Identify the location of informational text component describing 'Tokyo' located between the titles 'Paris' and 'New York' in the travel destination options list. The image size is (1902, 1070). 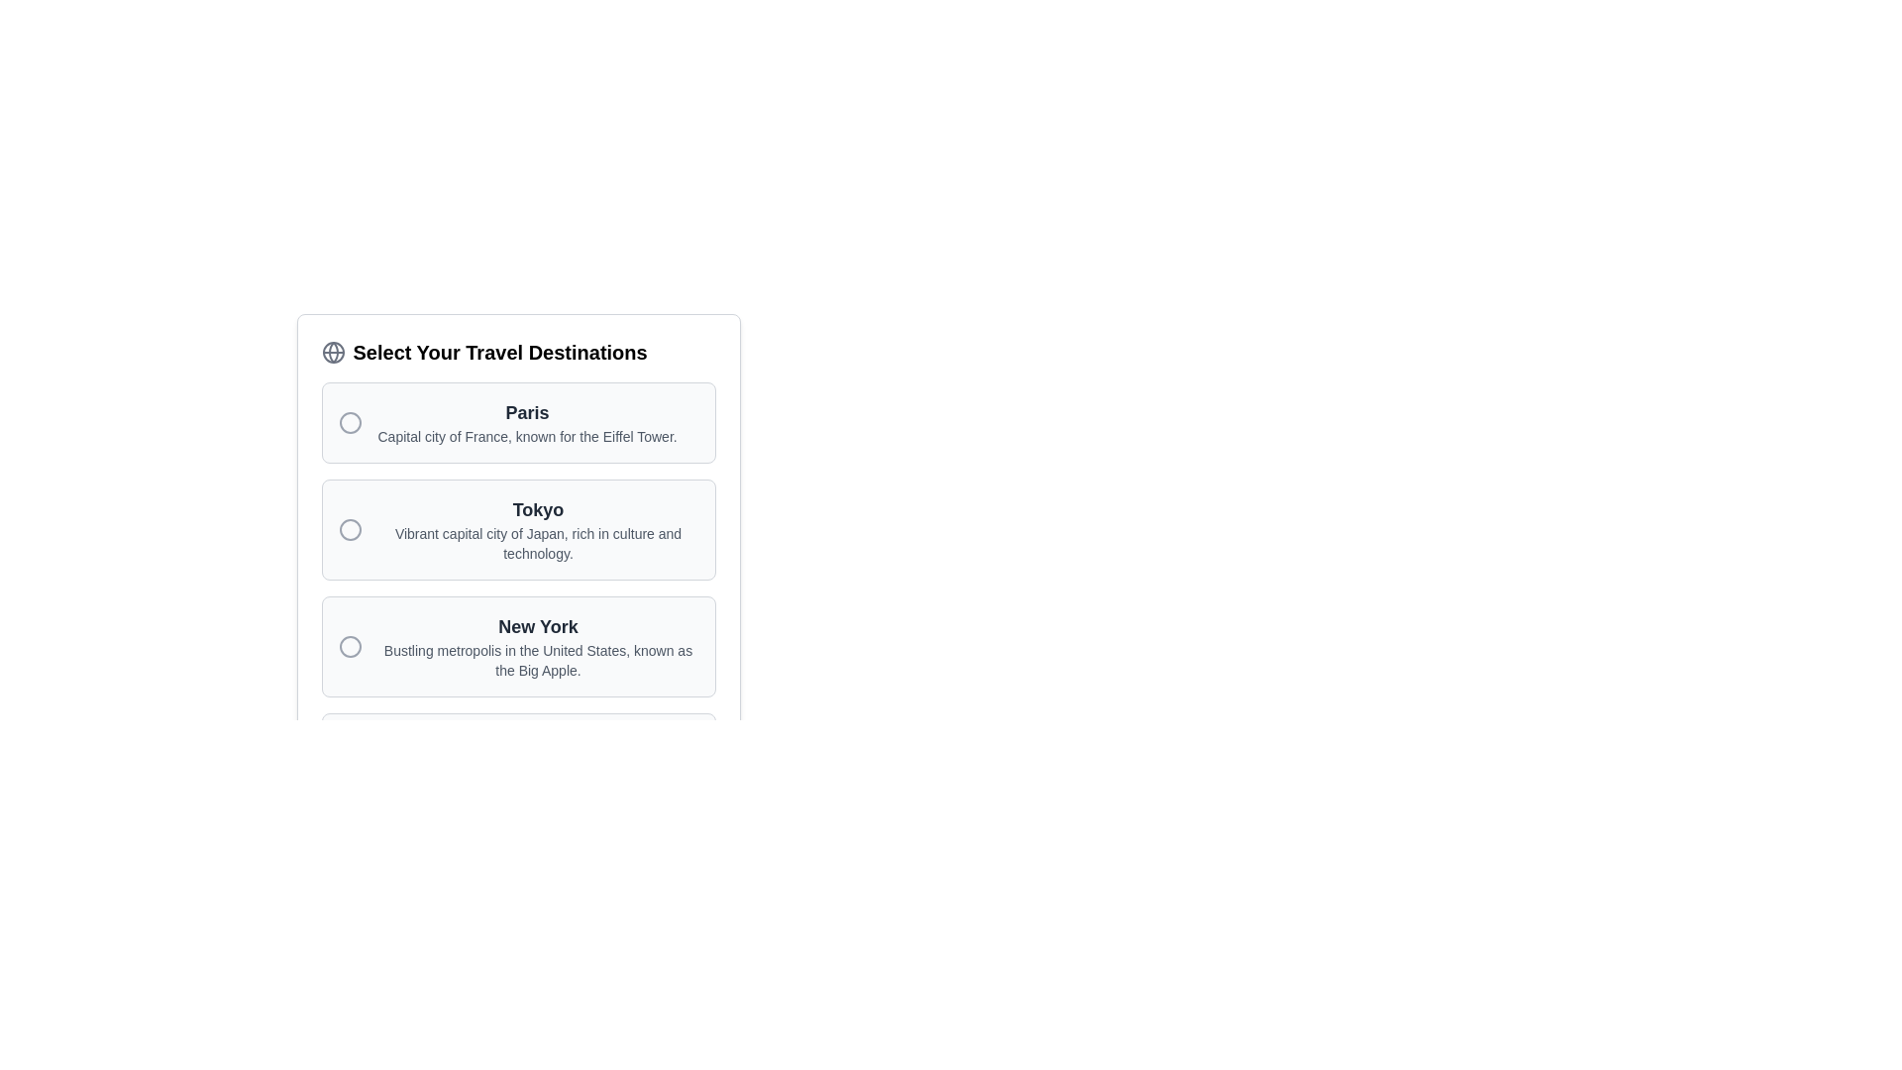
(538, 529).